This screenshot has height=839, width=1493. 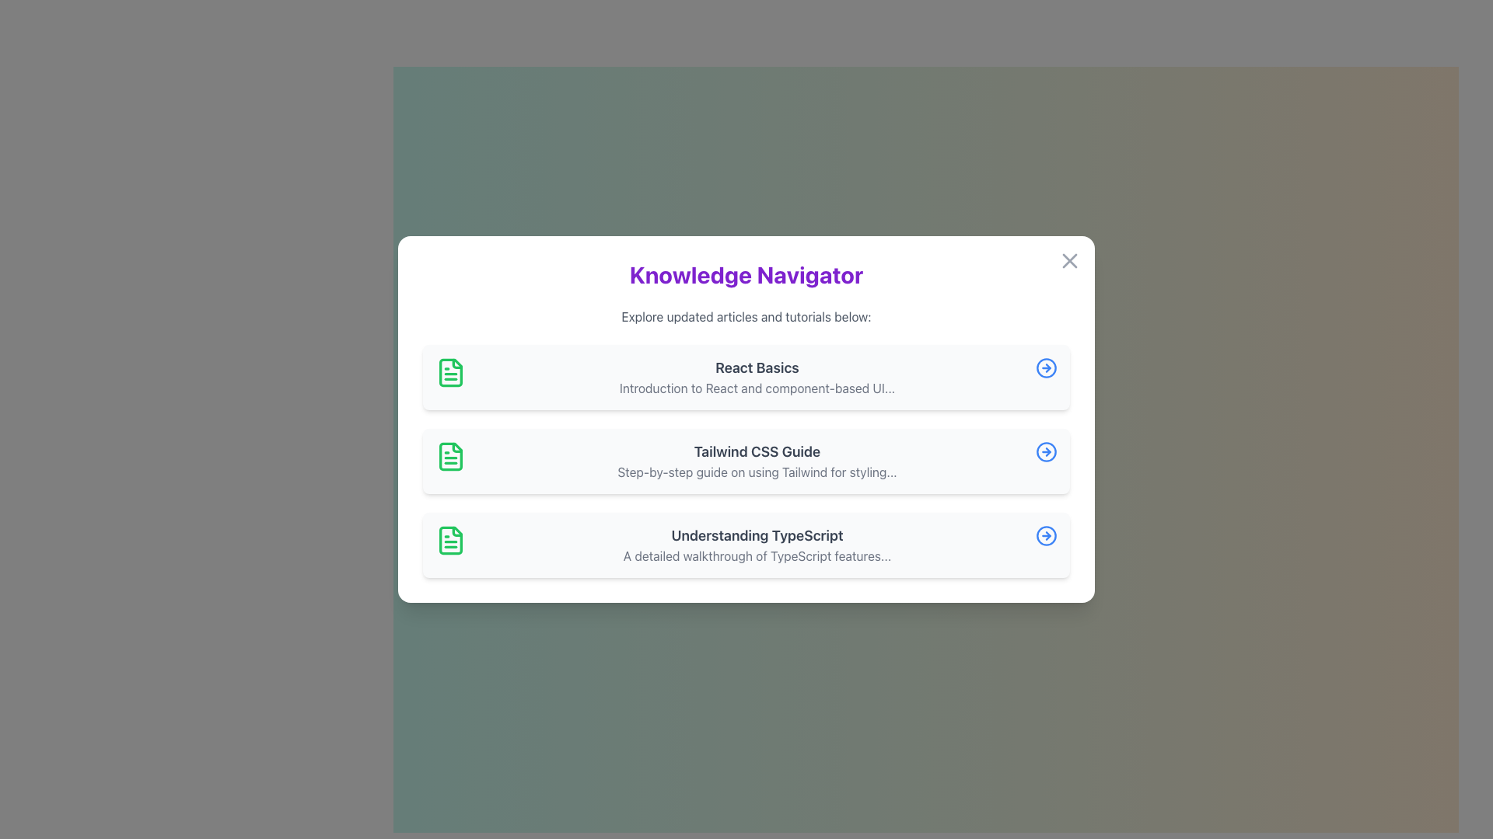 I want to click on the Pop-up Modal titled 'Knowledge Navigator', which features a white background, rounded corners, and includes sections with icons and titles, so click(x=746, y=419).